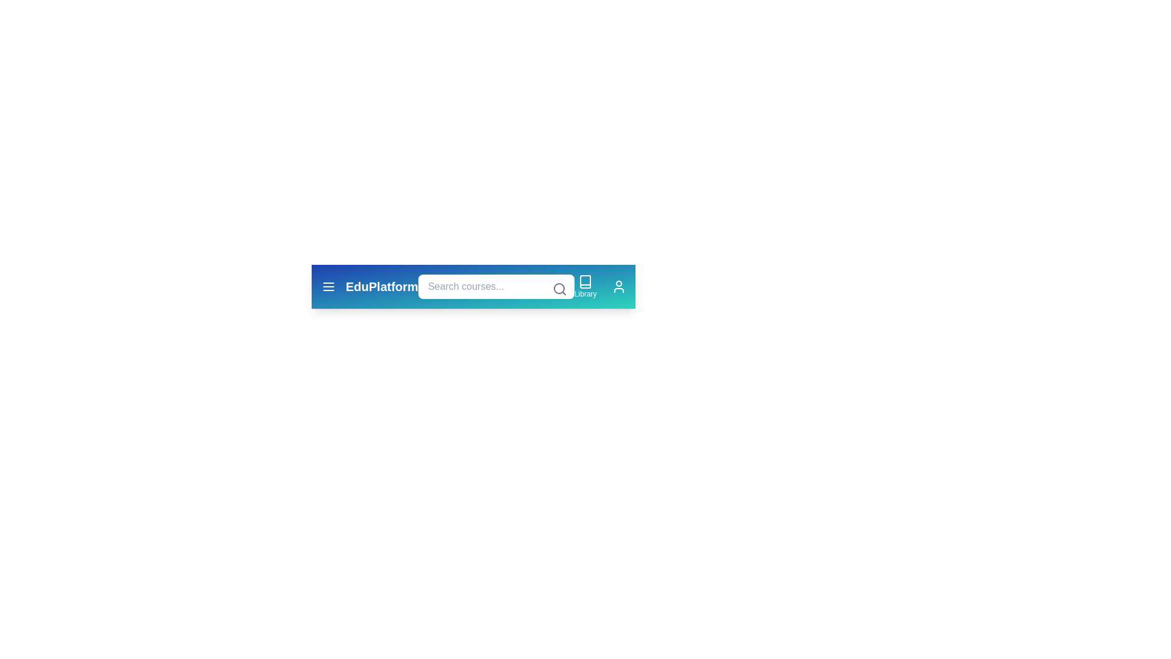  Describe the element at coordinates (559, 289) in the screenshot. I see `the search icon to submit the search query` at that location.